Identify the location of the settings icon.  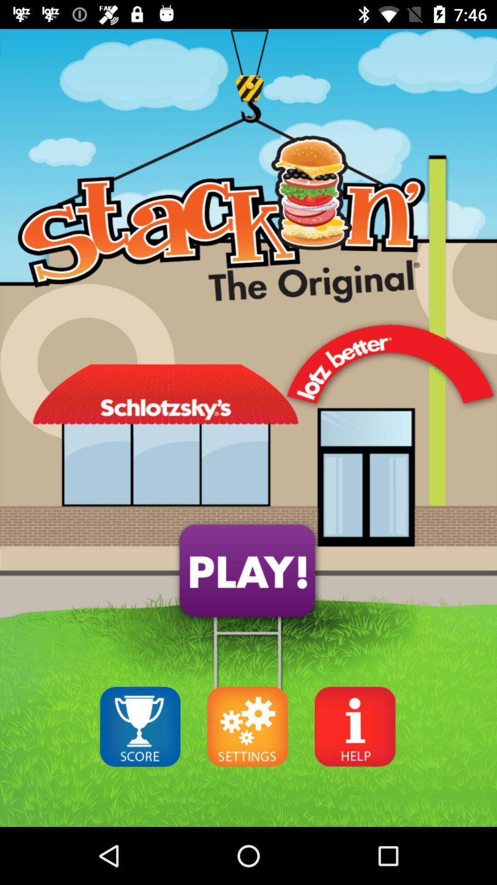
(247, 726).